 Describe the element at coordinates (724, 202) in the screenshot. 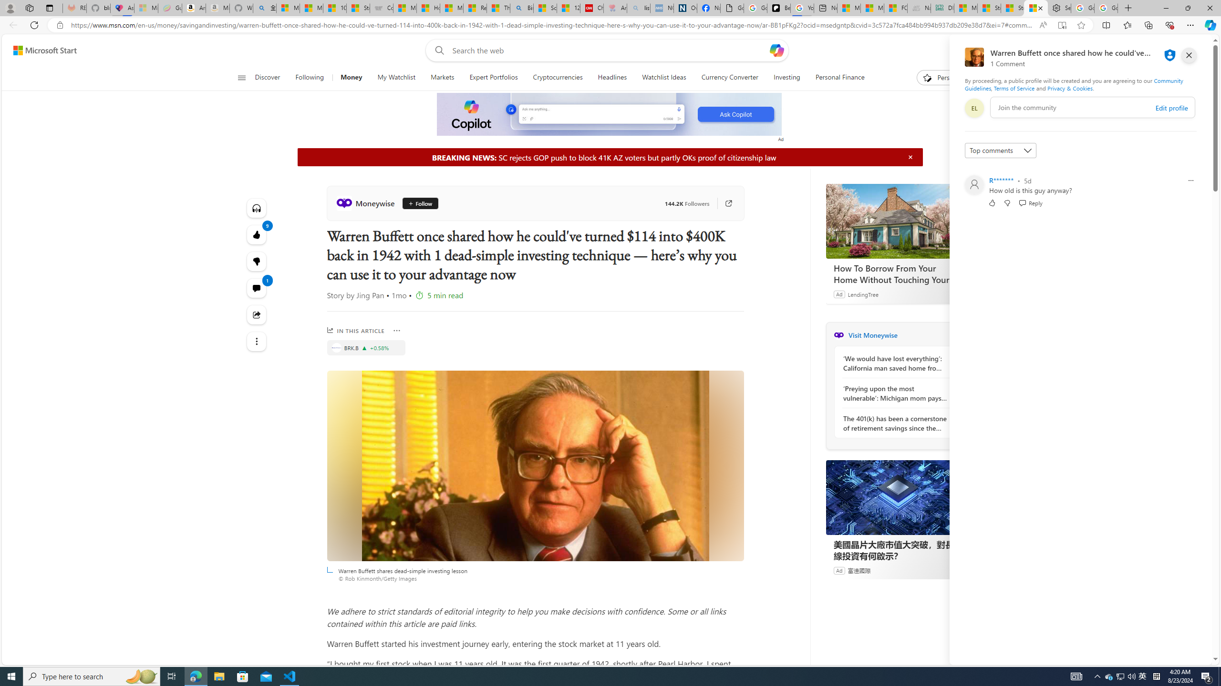

I see `'Go to publisher'` at that location.